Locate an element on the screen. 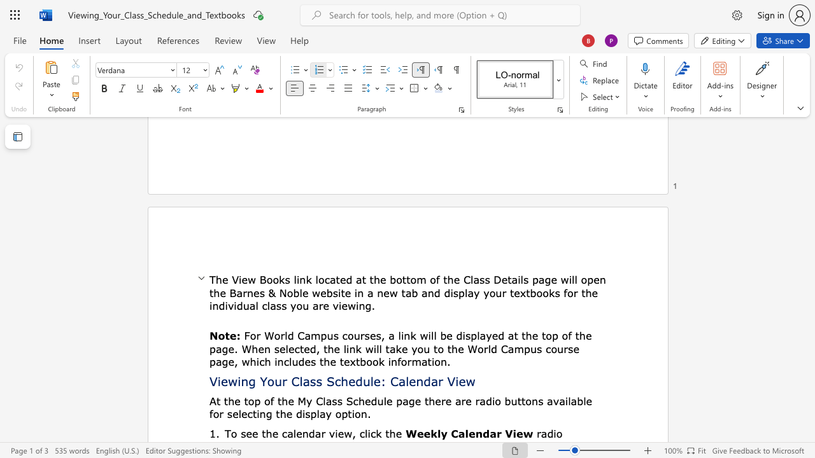 The height and width of the screenshot is (458, 815). the 1th character "B" in the text is located at coordinates (262, 279).